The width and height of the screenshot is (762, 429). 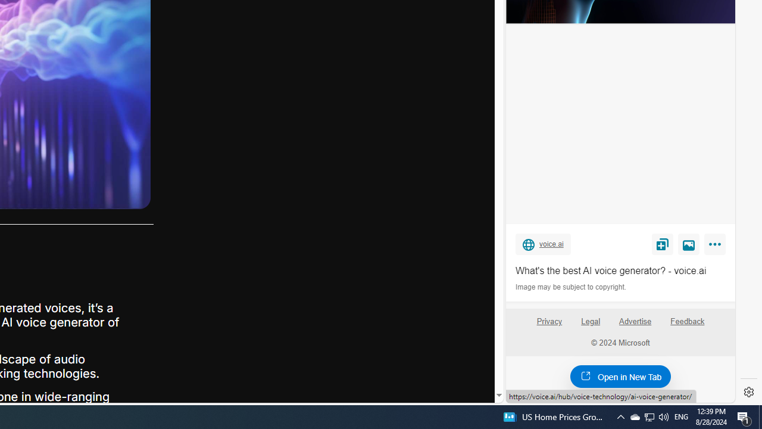 I want to click on 'More', so click(x=716, y=245).